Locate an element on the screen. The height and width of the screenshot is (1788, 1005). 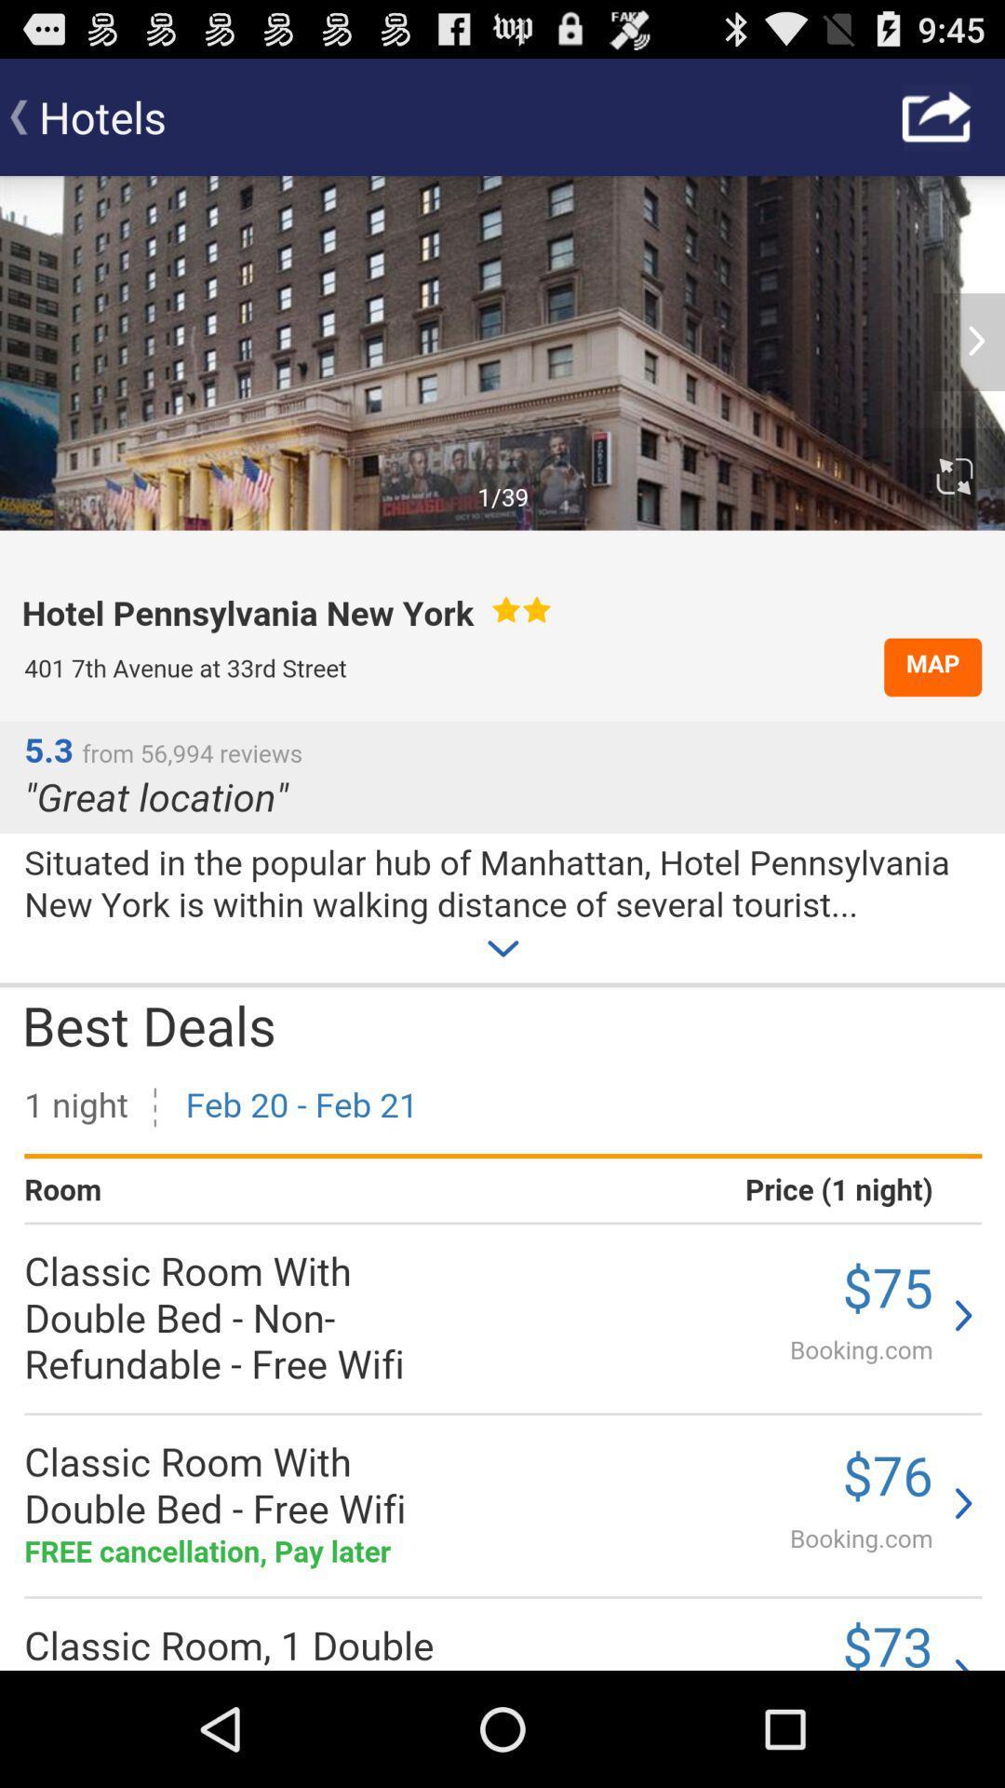
website is located at coordinates (502, 923).